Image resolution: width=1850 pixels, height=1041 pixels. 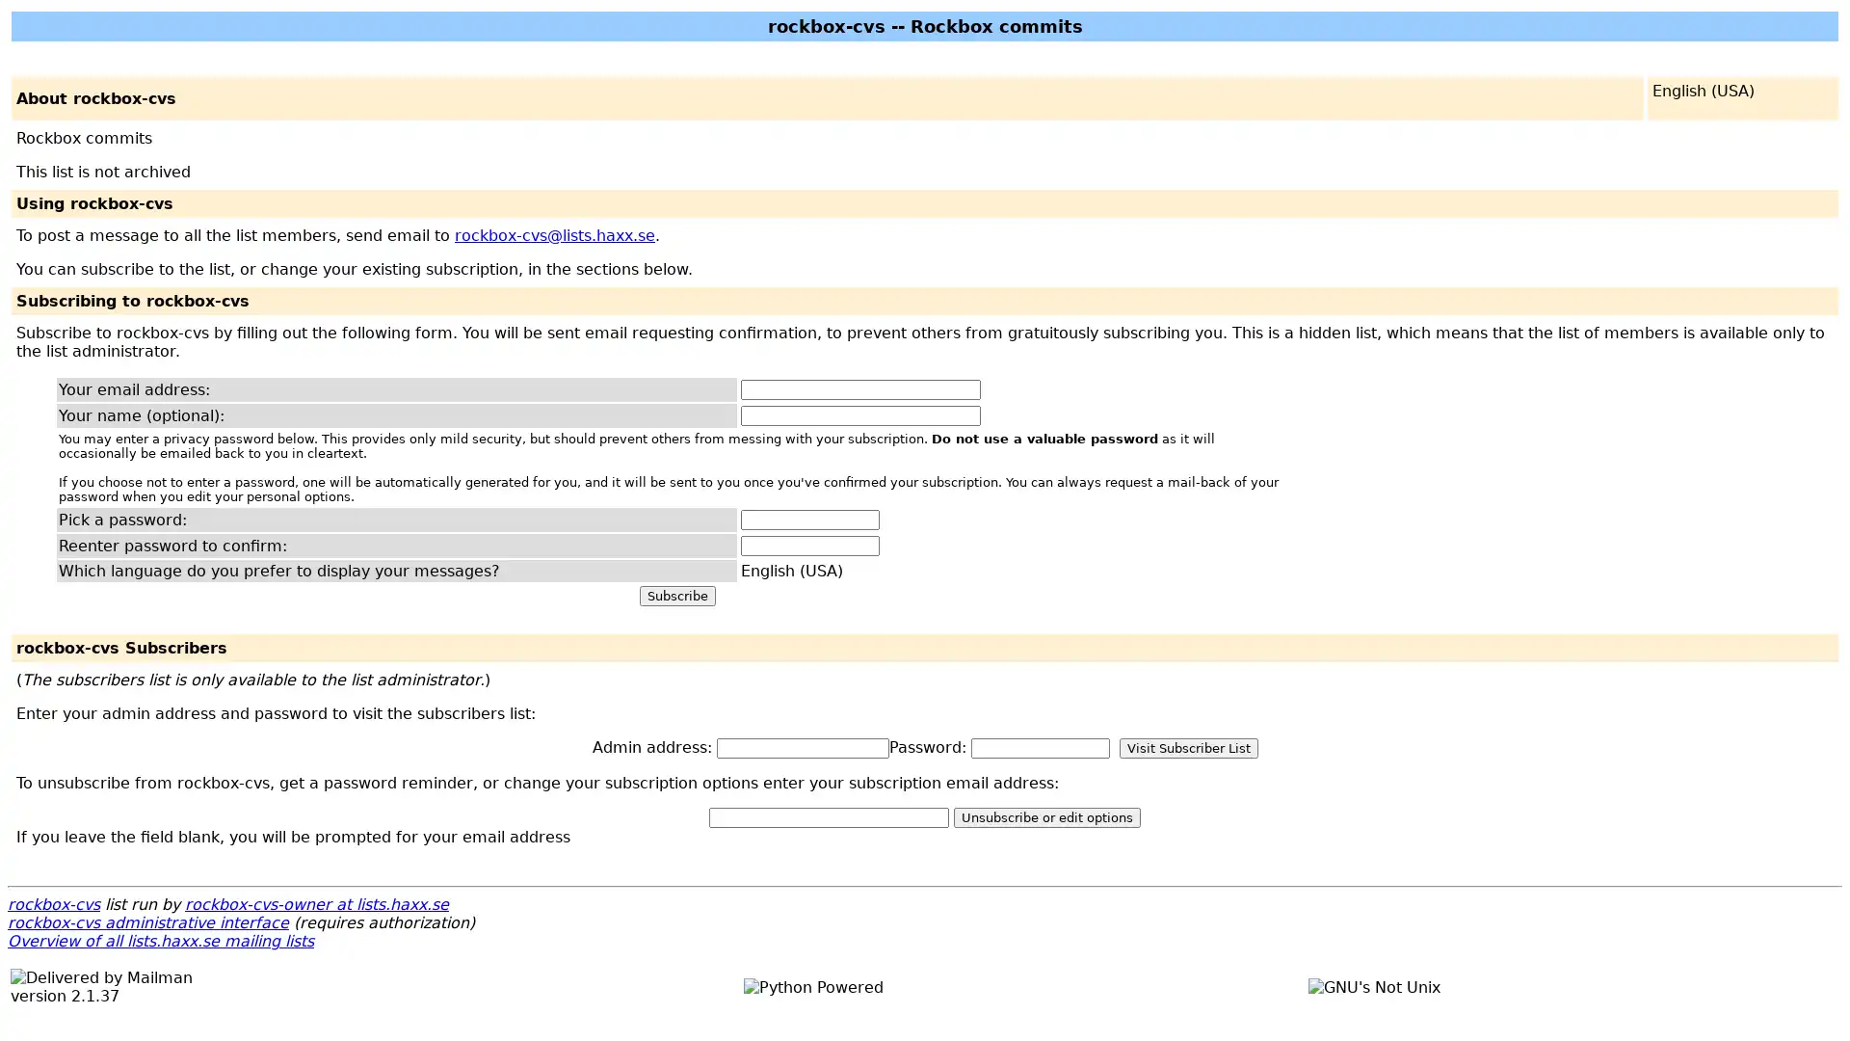 What do you see at coordinates (676, 595) in the screenshot?
I see `Subscribe` at bounding box center [676, 595].